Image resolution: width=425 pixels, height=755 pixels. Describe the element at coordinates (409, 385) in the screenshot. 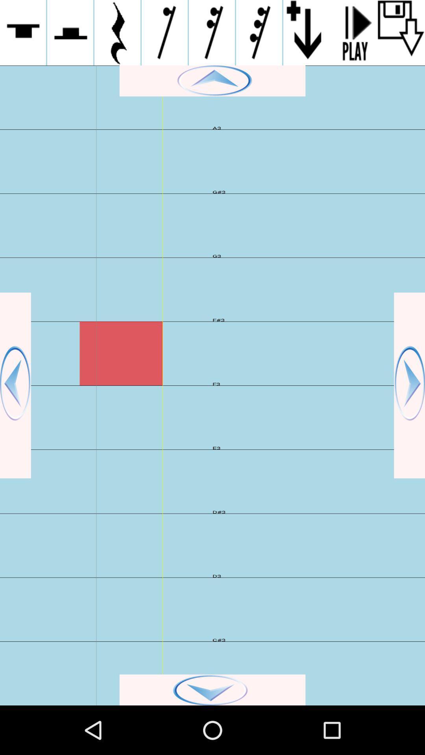

I see `next page` at that location.